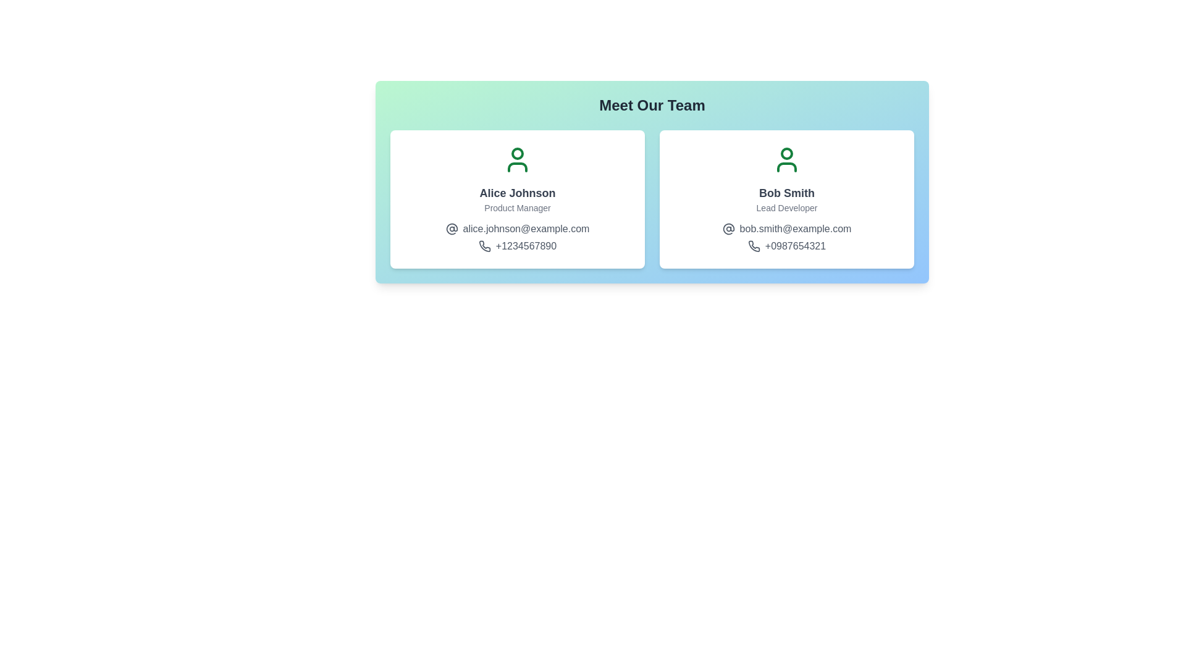  What do you see at coordinates (518, 246) in the screenshot?
I see `the Contact Information Display for 'Alice Johnson' which shows the phone icon and the number '+1234567890', located under the email 'alice.johnson@example.com'` at bounding box center [518, 246].